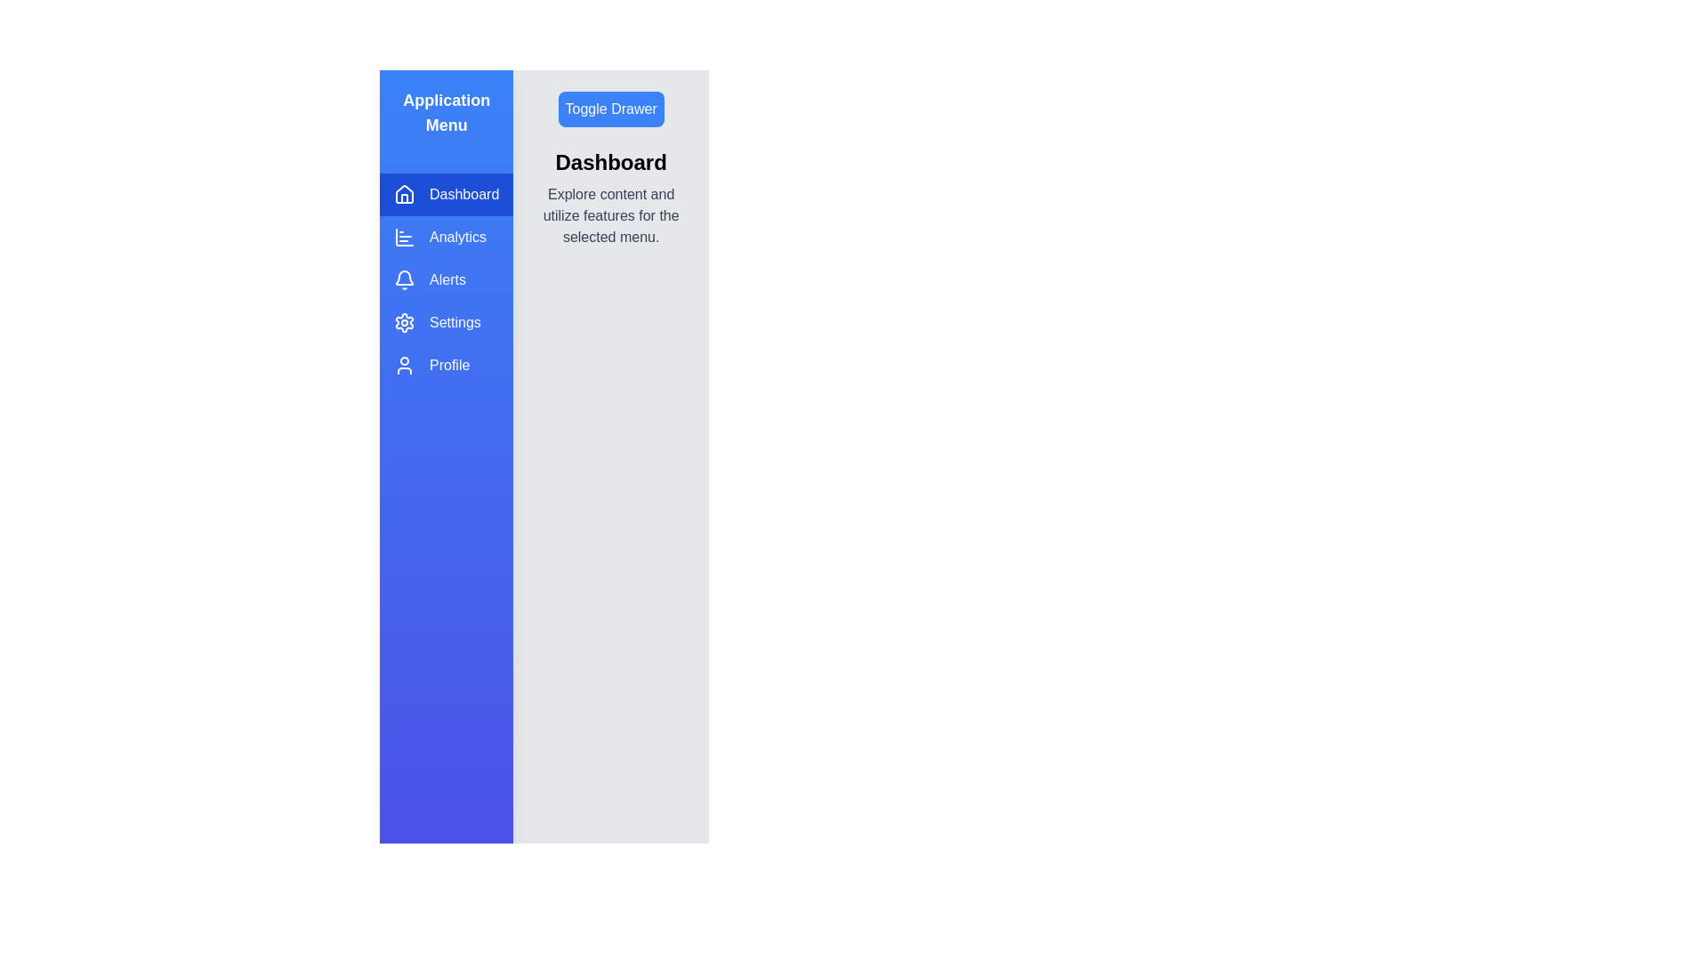  I want to click on the menu item Profile to observe its hover effect, so click(447, 365).